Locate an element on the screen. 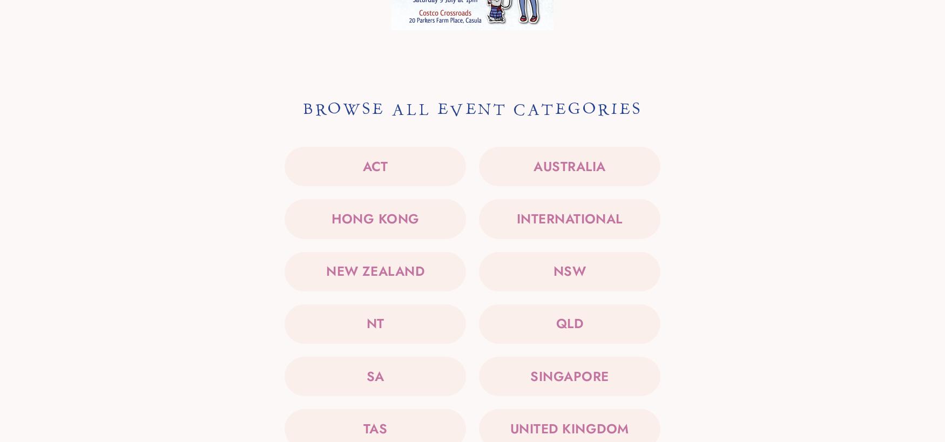 The width and height of the screenshot is (945, 442). 'QLD' is located at coordinates (569, 323).